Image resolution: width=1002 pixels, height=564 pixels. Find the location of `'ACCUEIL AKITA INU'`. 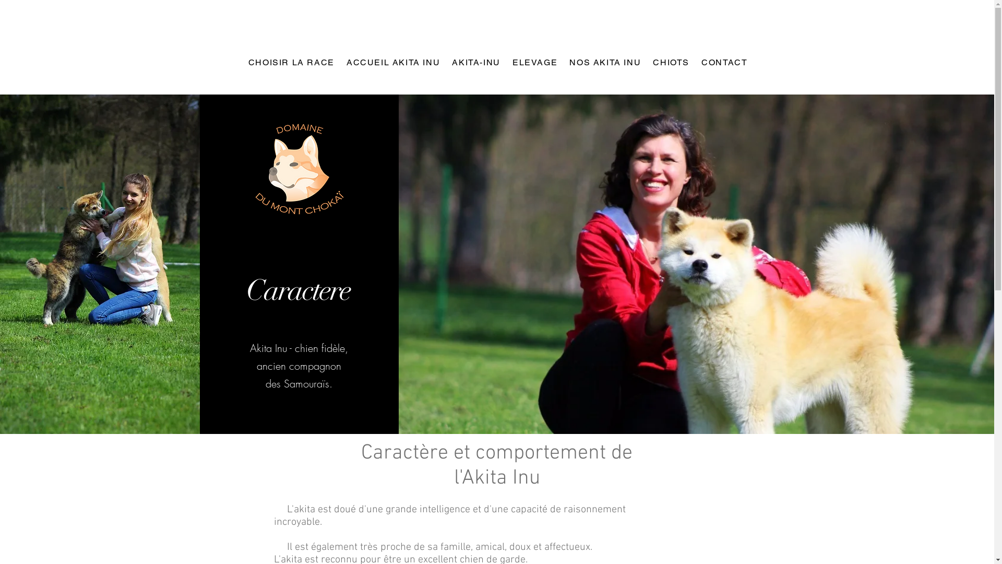

'ACCUEIL AKITA INU' is located at coordinates (392, 63).